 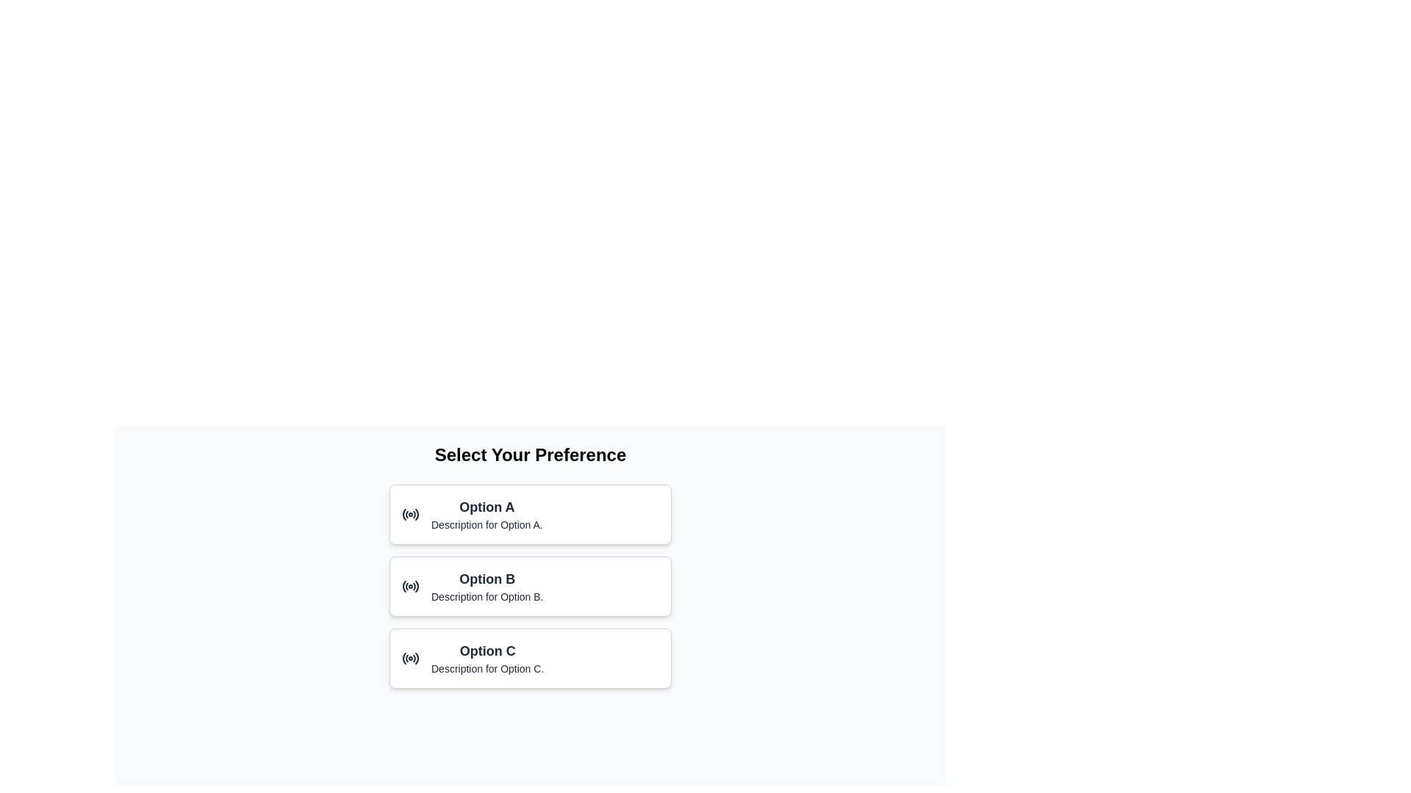 What do you see at coordinates (487, 597) in the screenshot?
I see `the static text that provides additional information about 'Option B' located below the title in the 'Select Your Preference' interface` at bounding box center [487, 597].